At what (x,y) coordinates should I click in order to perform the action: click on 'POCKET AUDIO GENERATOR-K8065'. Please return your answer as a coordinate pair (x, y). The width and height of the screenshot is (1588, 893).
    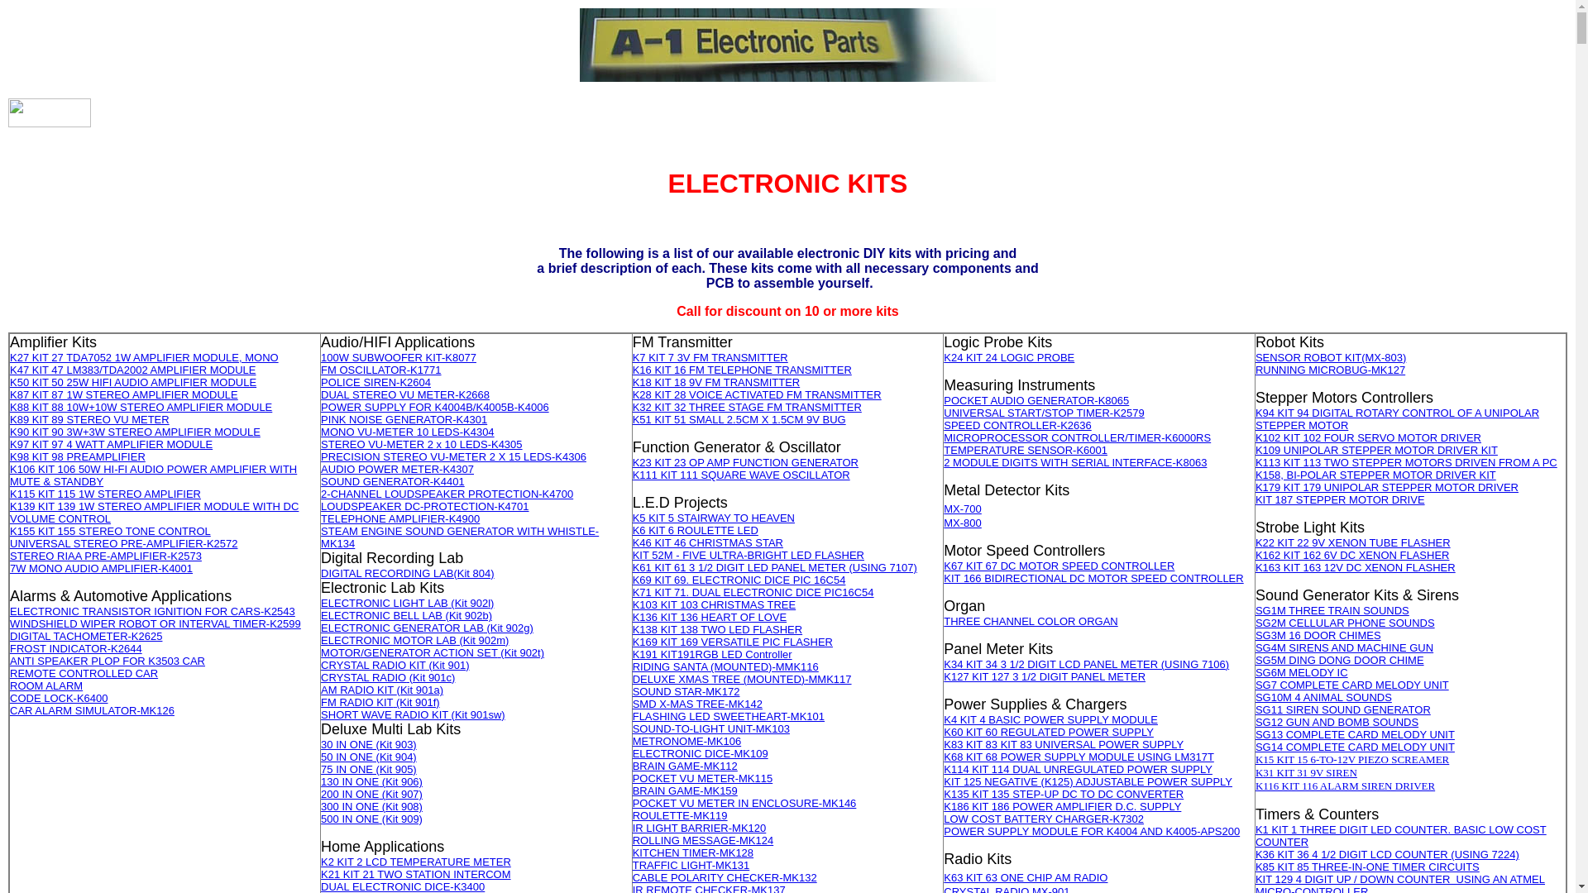
    Looking at the image, I should click on (944, 400).